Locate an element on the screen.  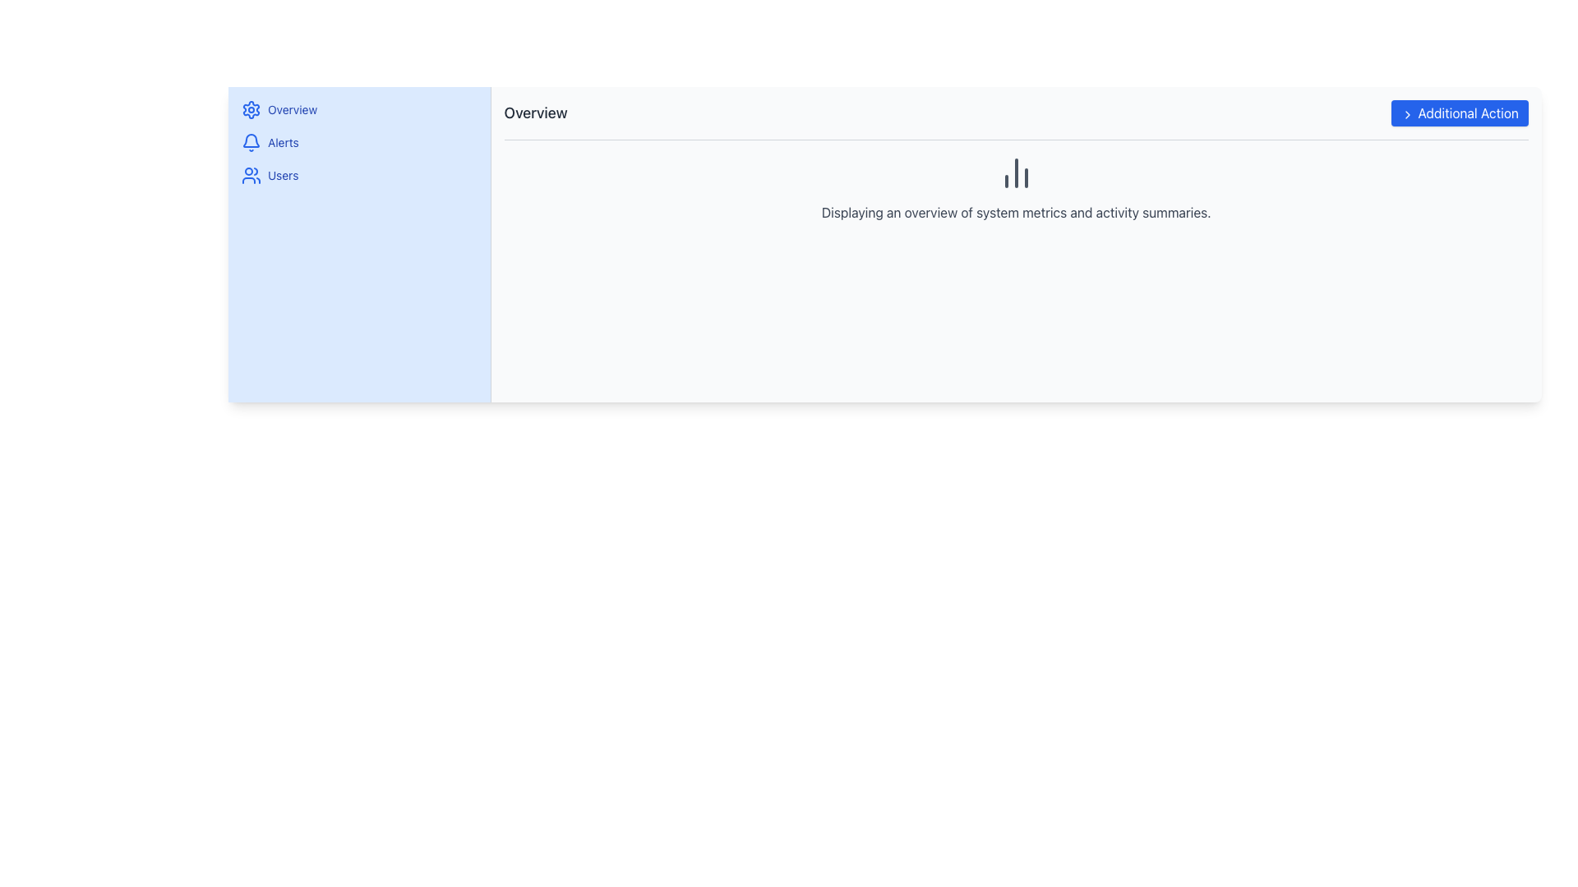
the action button located at the top-right corner of the 'Overview' section is located at coordinates (1460, 113).